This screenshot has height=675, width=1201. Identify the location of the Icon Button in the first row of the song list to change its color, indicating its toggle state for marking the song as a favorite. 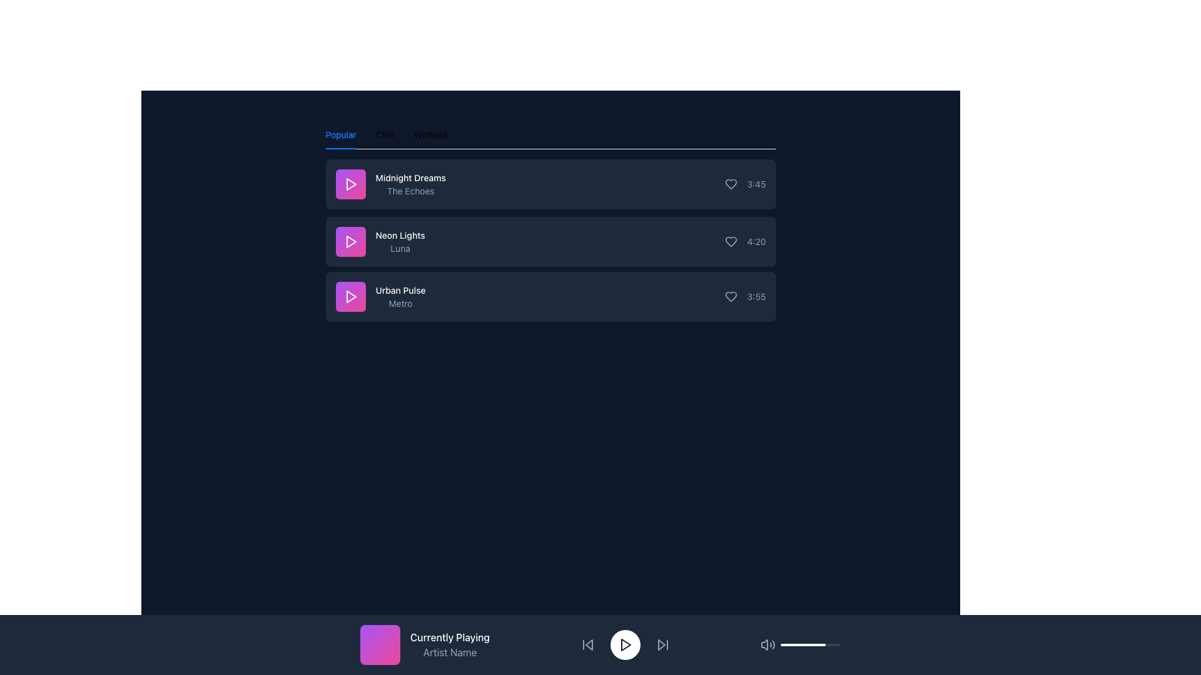
(731, 184).